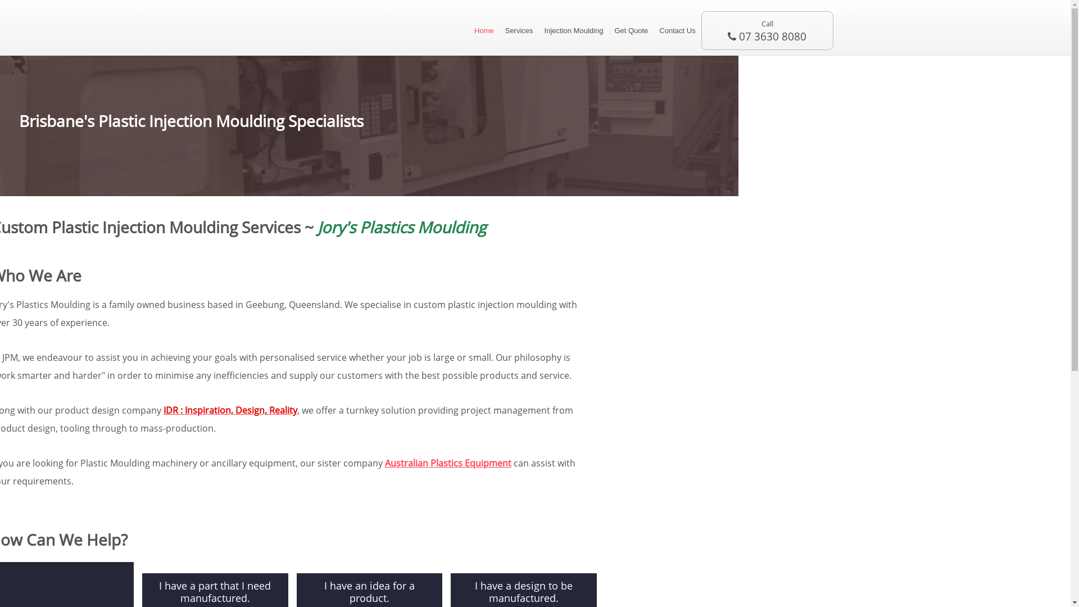  Describe the element at coordinates (162, 410) in the screenshot. I see `'IDR : Inspiration, Design, Reality'` at that location.